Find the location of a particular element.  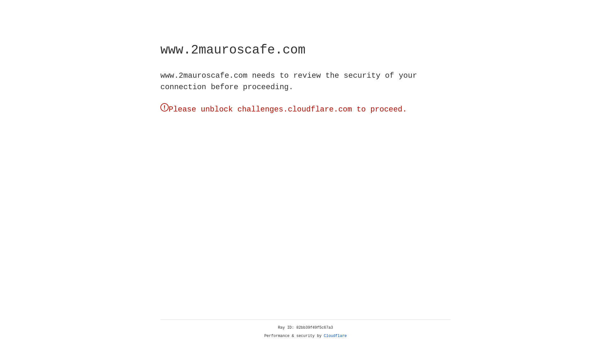

'Cloudflare' is located at coordinates (335, 336).